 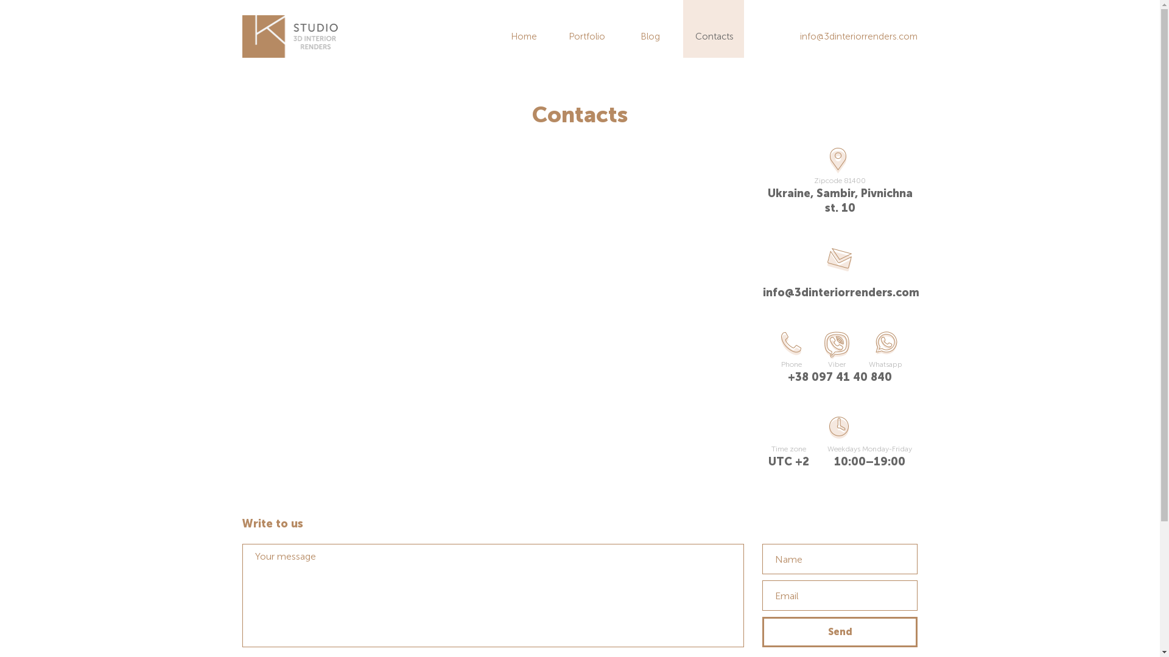 I want to click on 'Contacts', so click(x=713, y=36).